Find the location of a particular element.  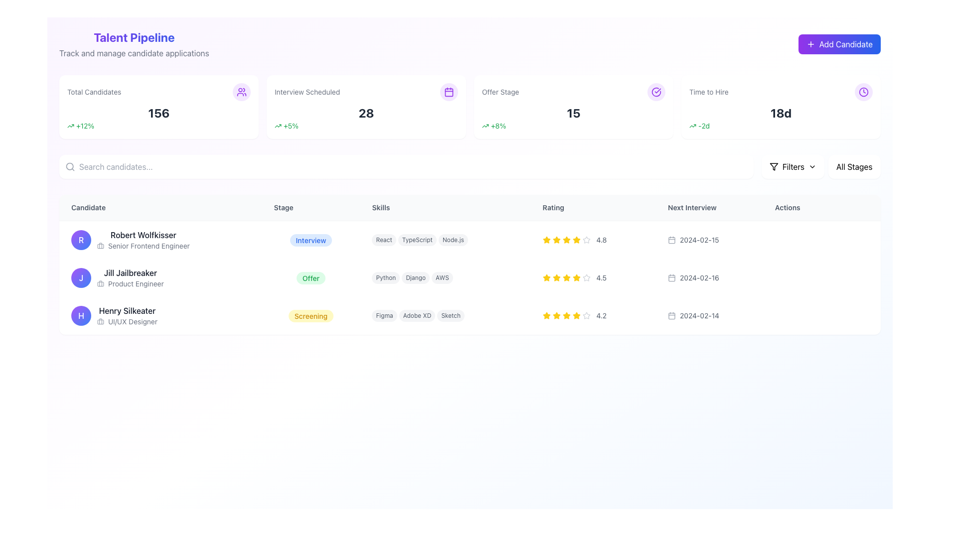

the third star icon in the Rating column of the table for Jill Jailbreaker to rate her is located at coordinates (556, 277).